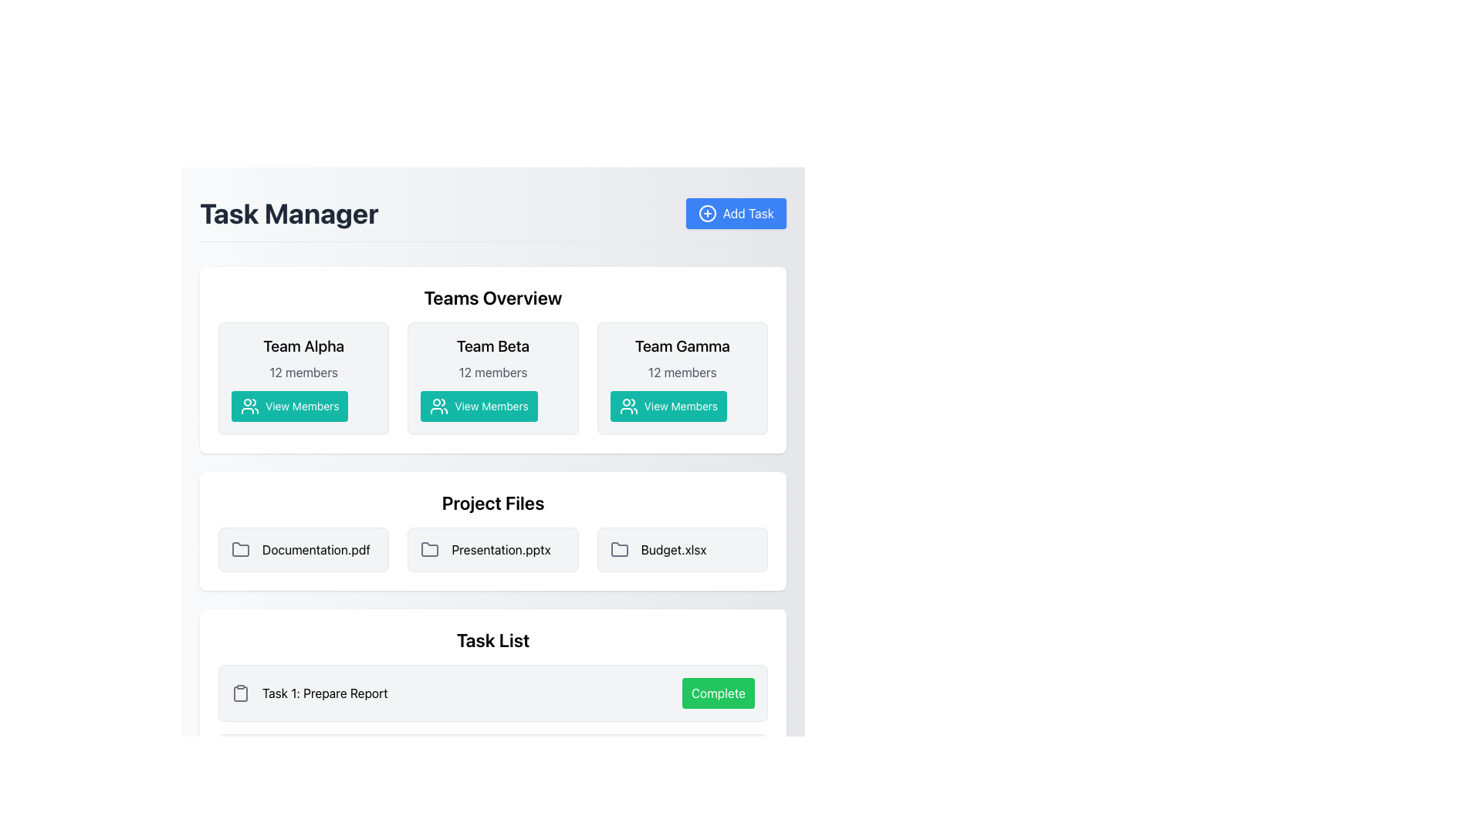  I want to click on the File card component representing 'Documentation.pdf', which is the first item in the 'Project Files' section, so click(303, 549).